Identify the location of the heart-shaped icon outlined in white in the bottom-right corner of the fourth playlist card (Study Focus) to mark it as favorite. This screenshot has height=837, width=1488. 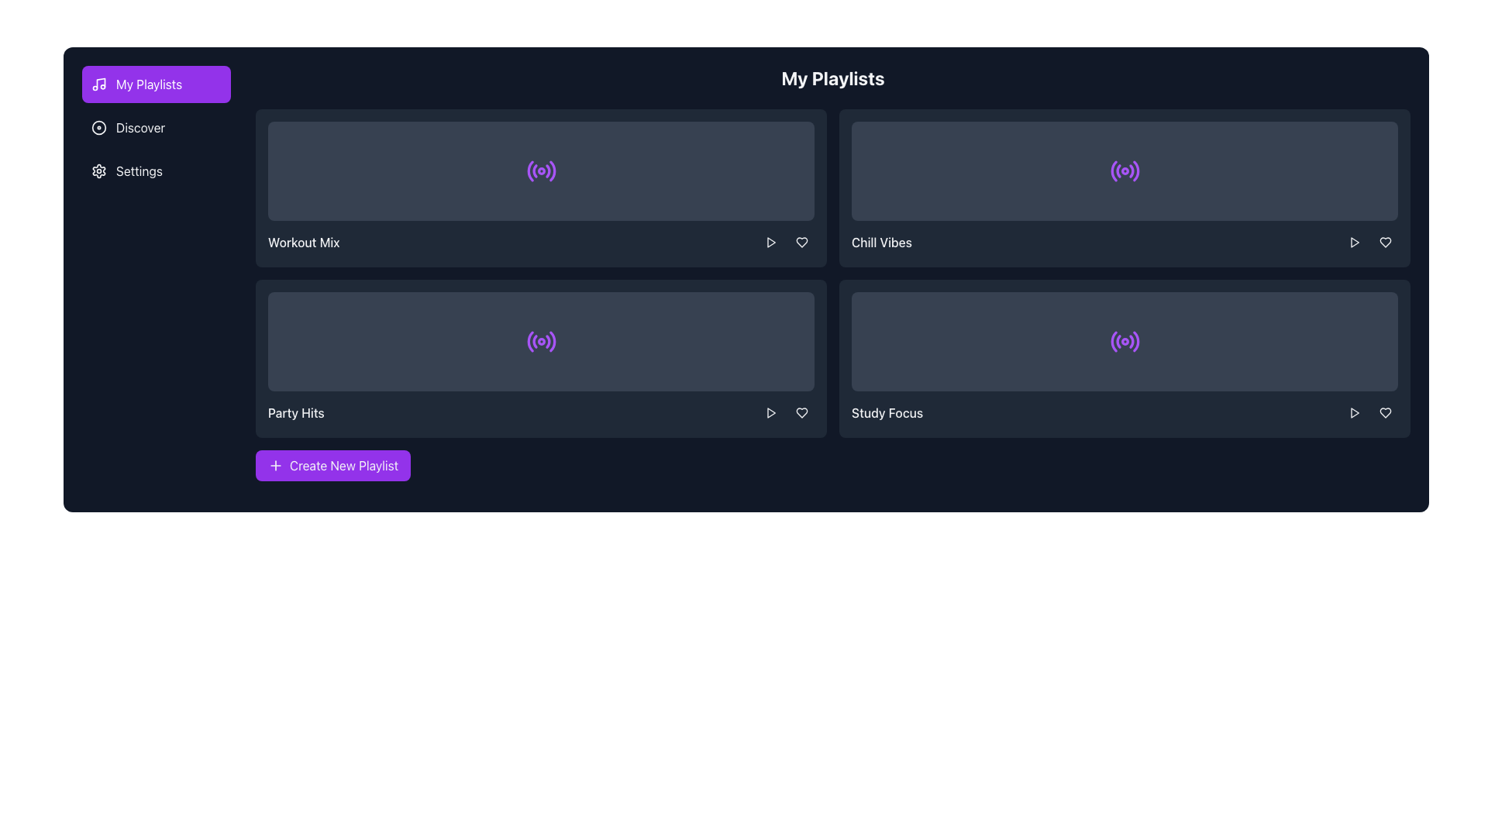
(1386, 412).